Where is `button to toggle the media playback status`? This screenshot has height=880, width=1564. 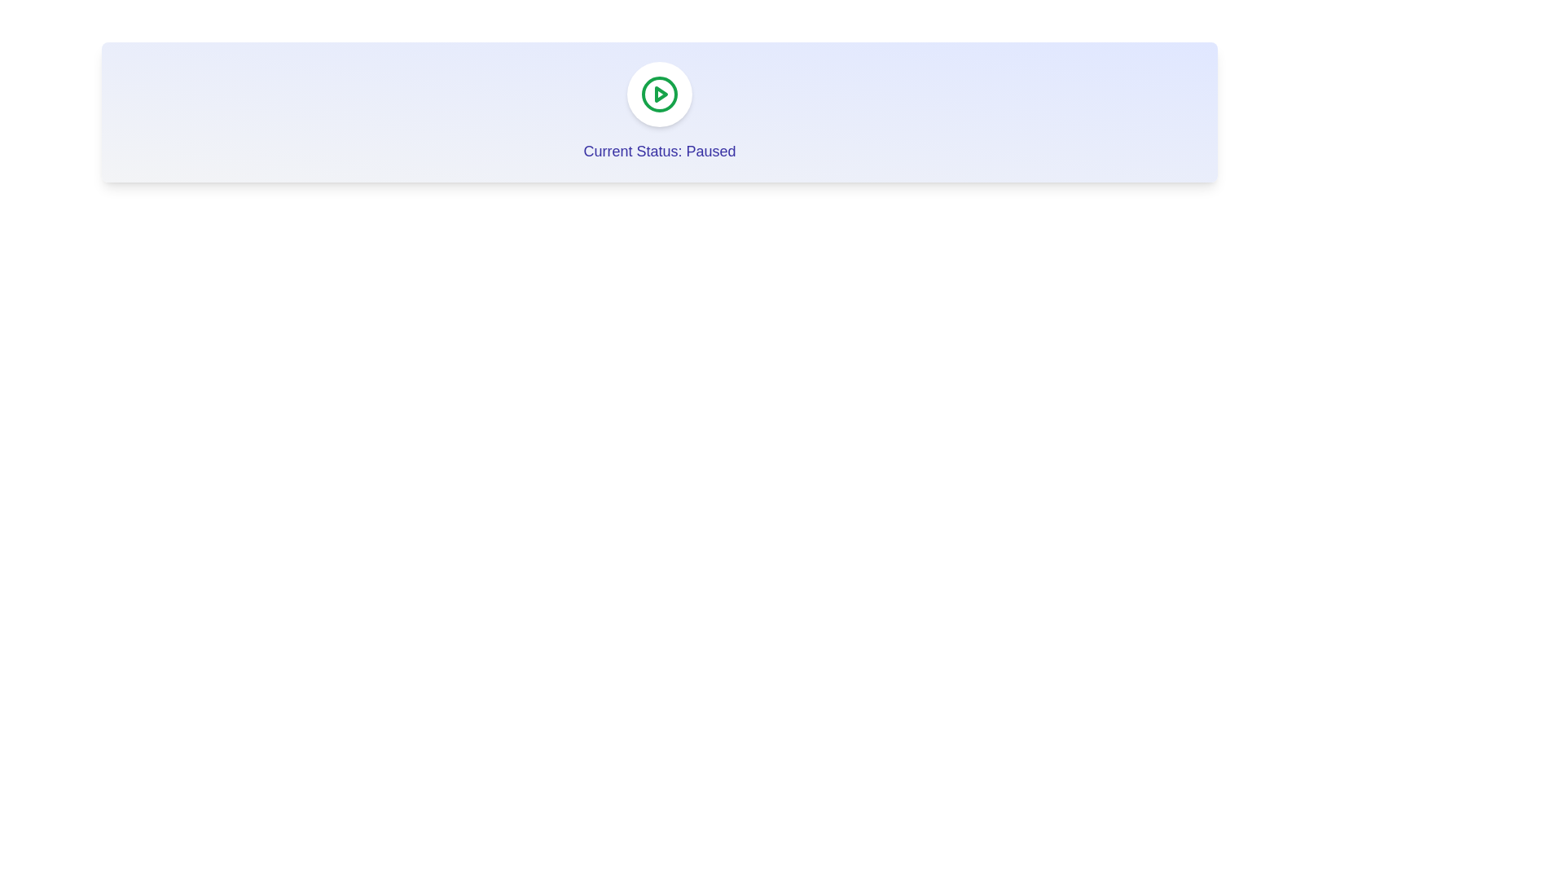
button to toggle the media playback status is located at coordinates (660, 94).